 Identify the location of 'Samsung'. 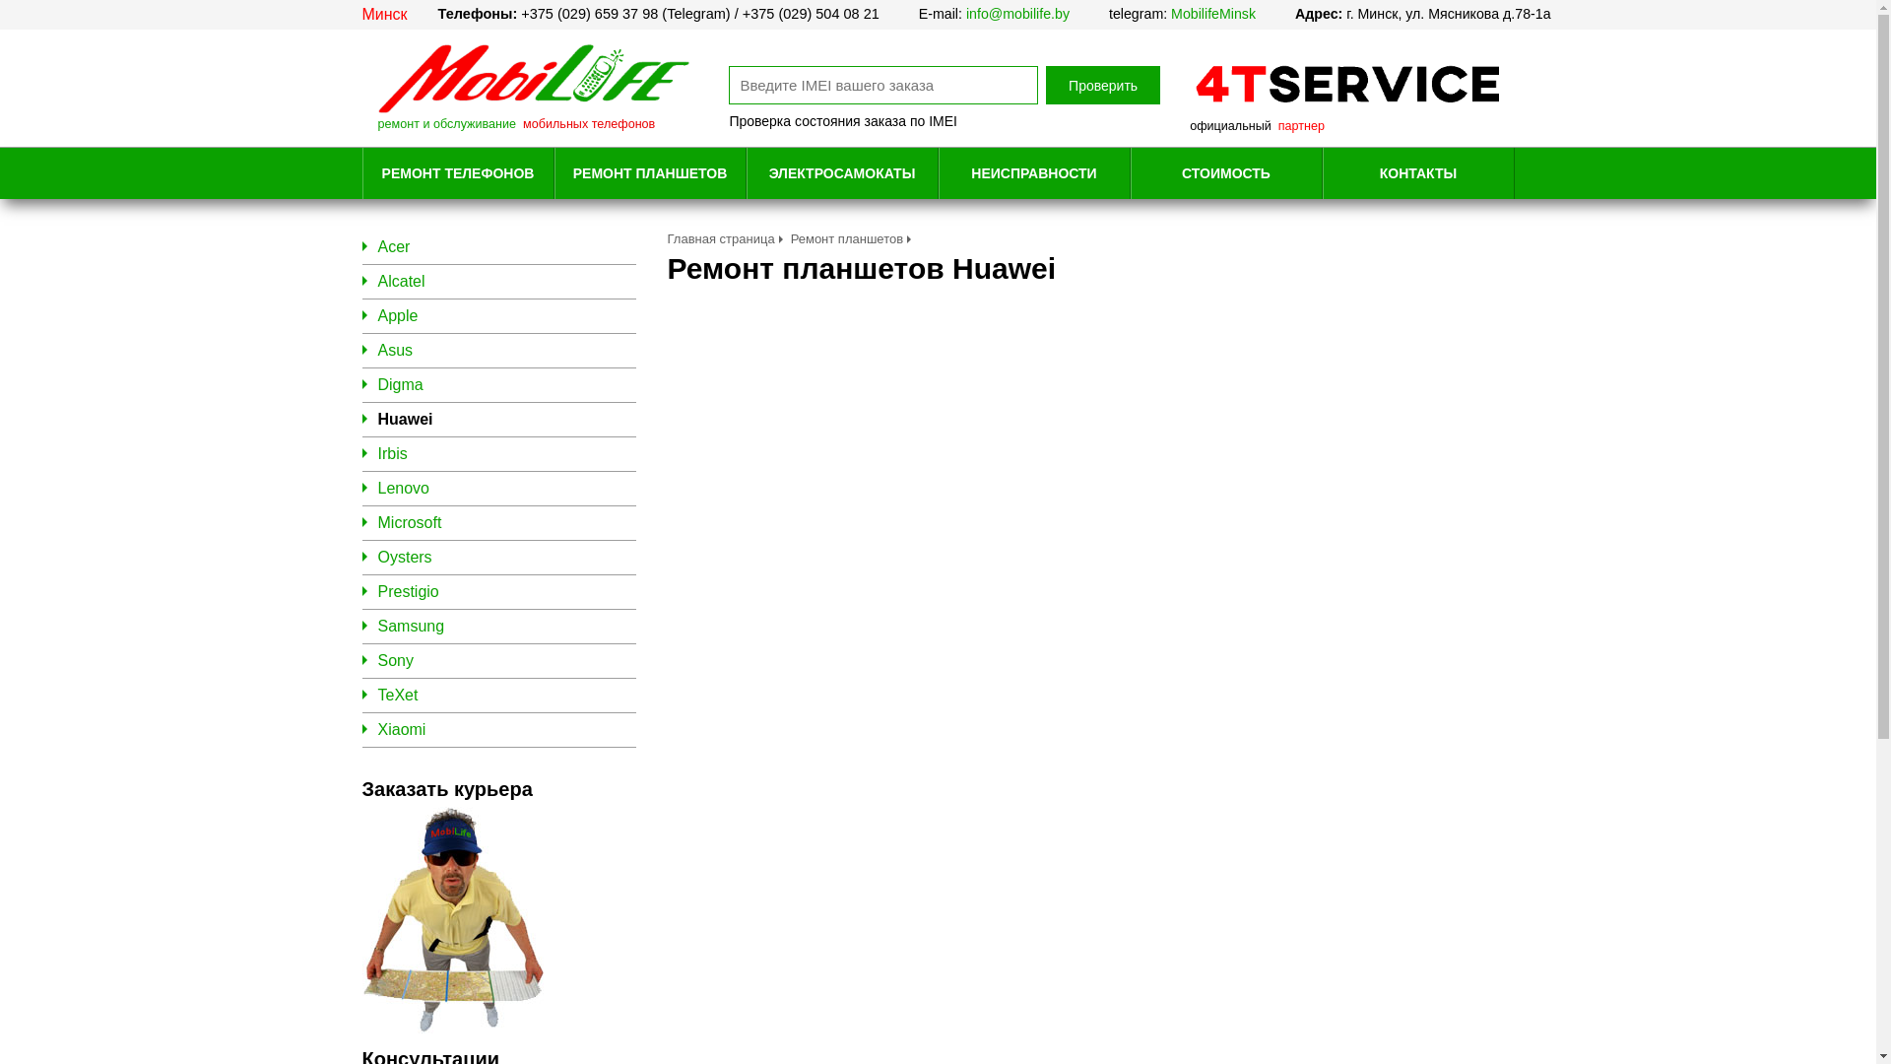
(410, 626).